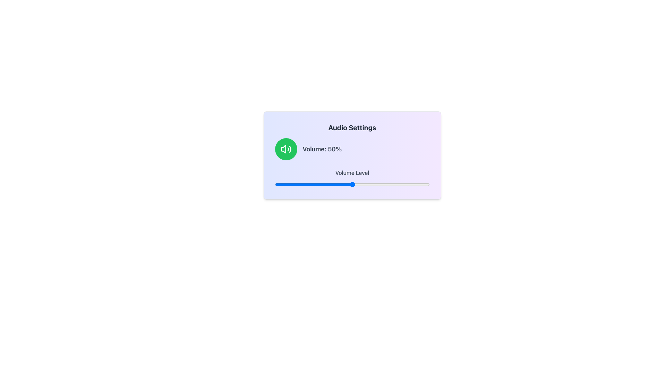  I want to click on volume level, so click(421, 184).